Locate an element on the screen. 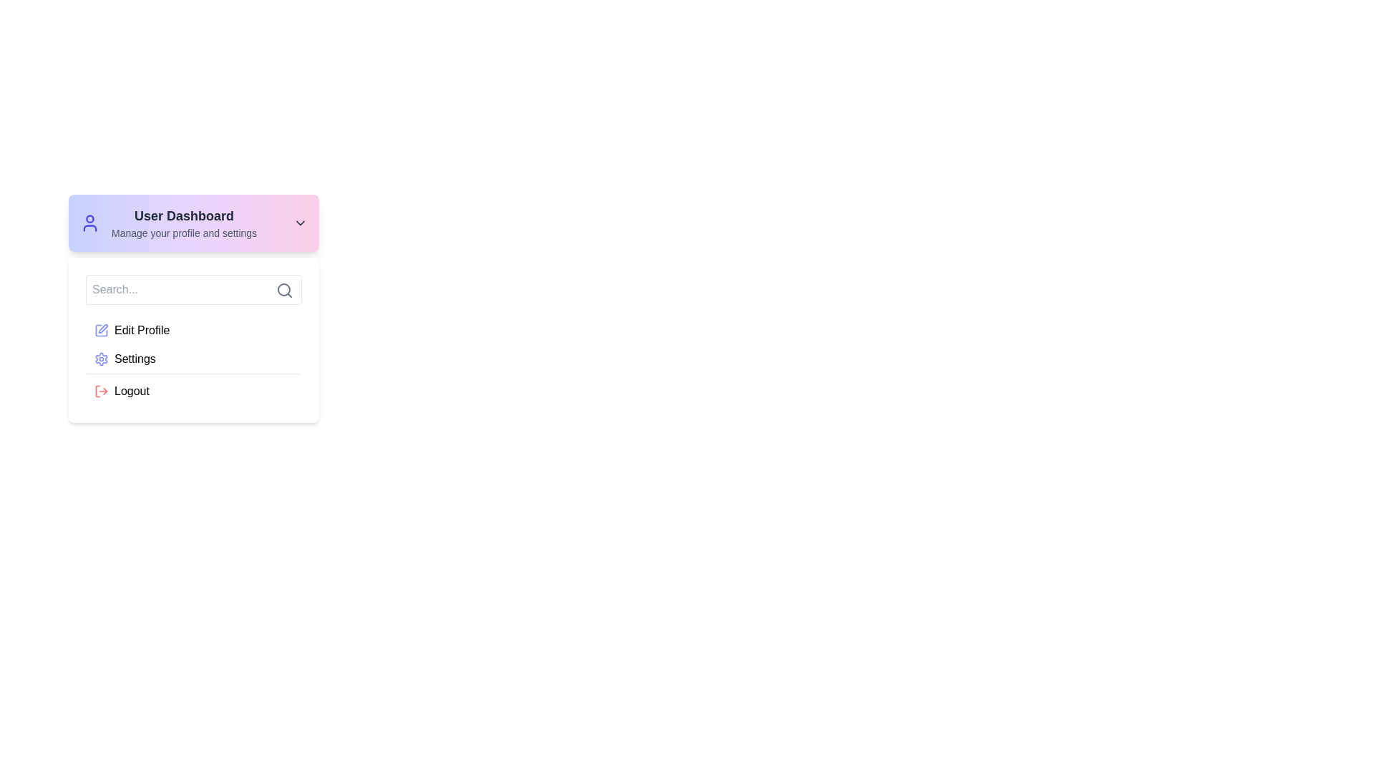 This screenshot has width=1374, height=773. the profile editing button located in the dropdown menu under the 'User Dashboard' section, which is the first clickable item below the search bar is located at coordinates (193, 331).